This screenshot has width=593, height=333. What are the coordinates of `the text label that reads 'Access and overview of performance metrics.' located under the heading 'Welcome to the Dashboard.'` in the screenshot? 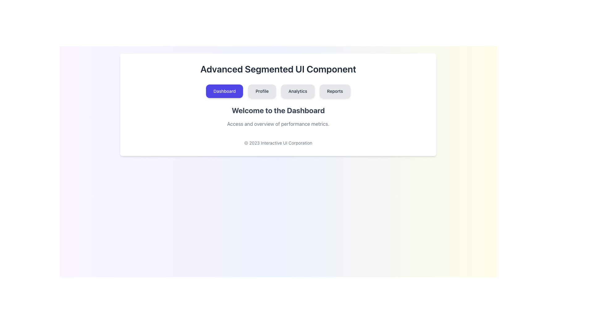 It's located at (278, 124).